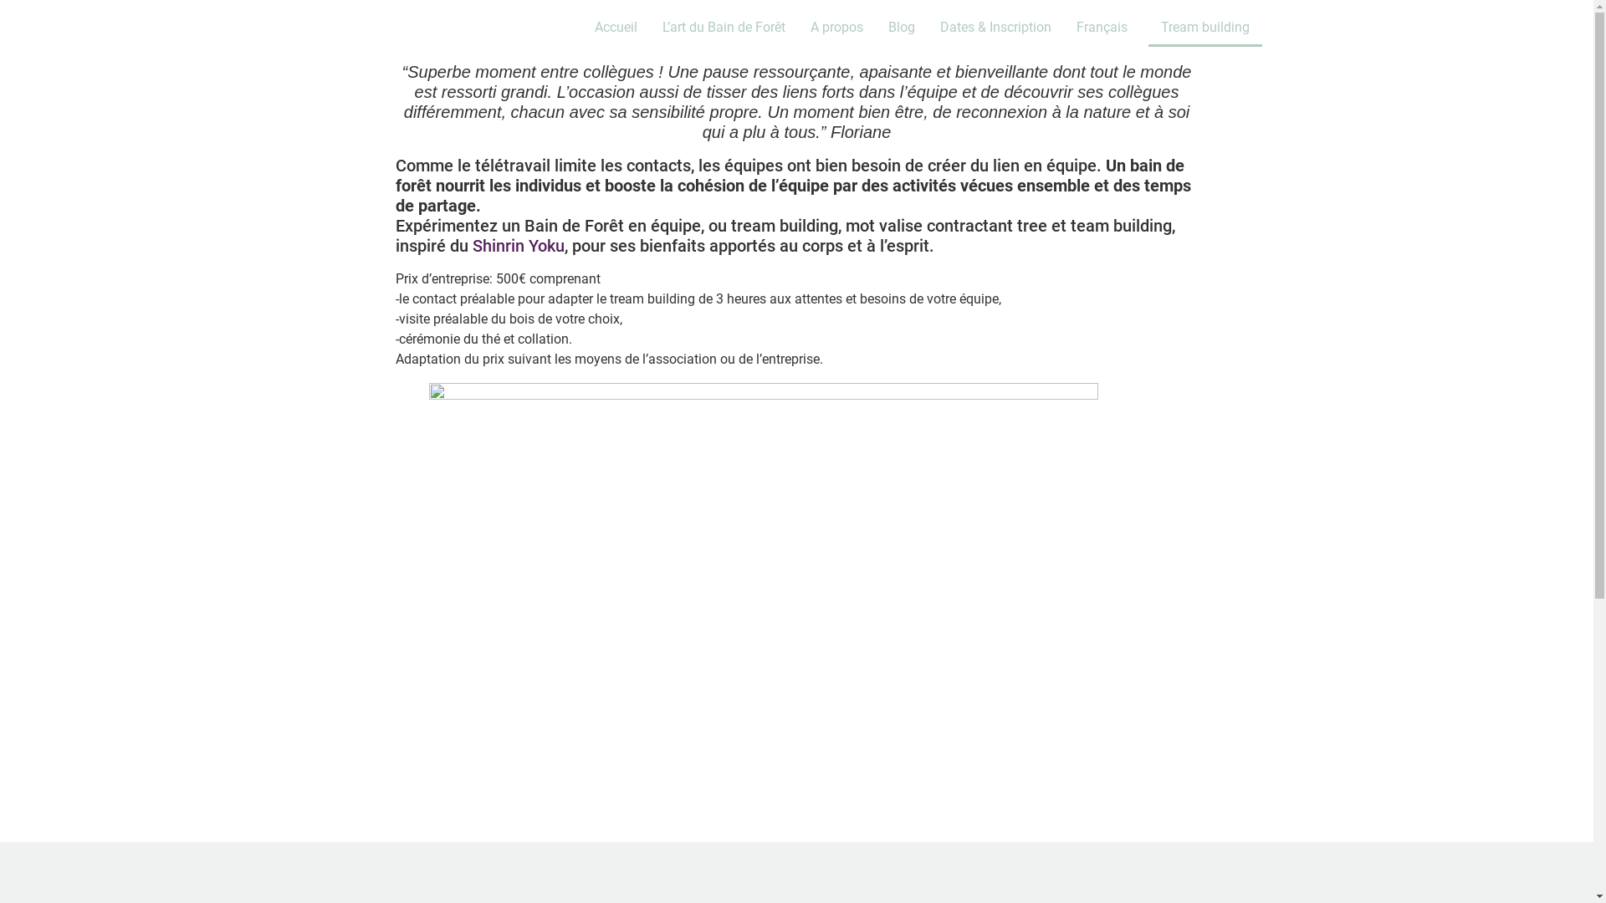  What do you see at coordinates (926, 28) in the screenshot?
I see `'Dates & Inscription'` at bounding box center [926, 28].